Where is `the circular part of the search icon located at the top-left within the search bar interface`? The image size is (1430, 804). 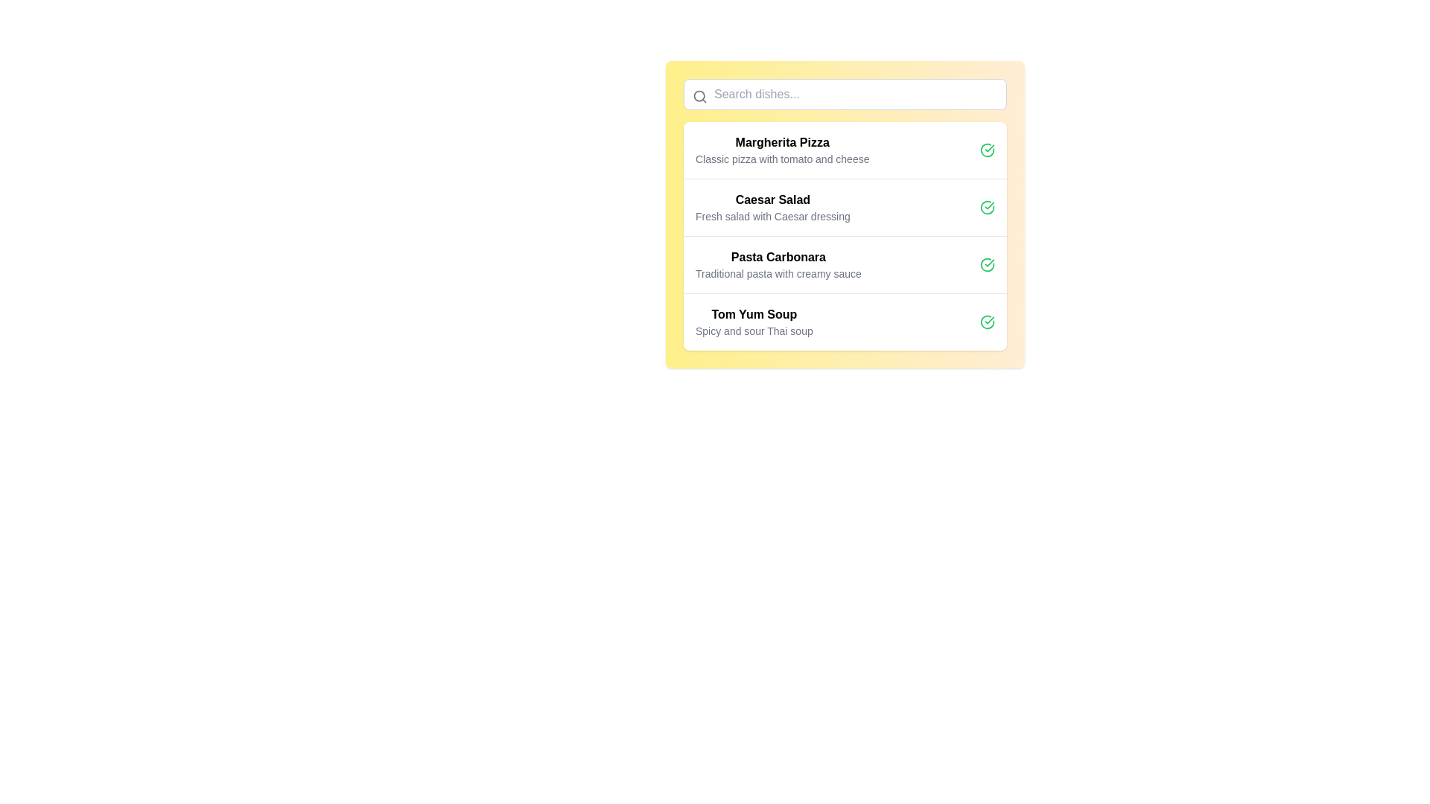
the circular part of the search icon located at the top-left within the search bar interface is located at coordinates (699, 96).